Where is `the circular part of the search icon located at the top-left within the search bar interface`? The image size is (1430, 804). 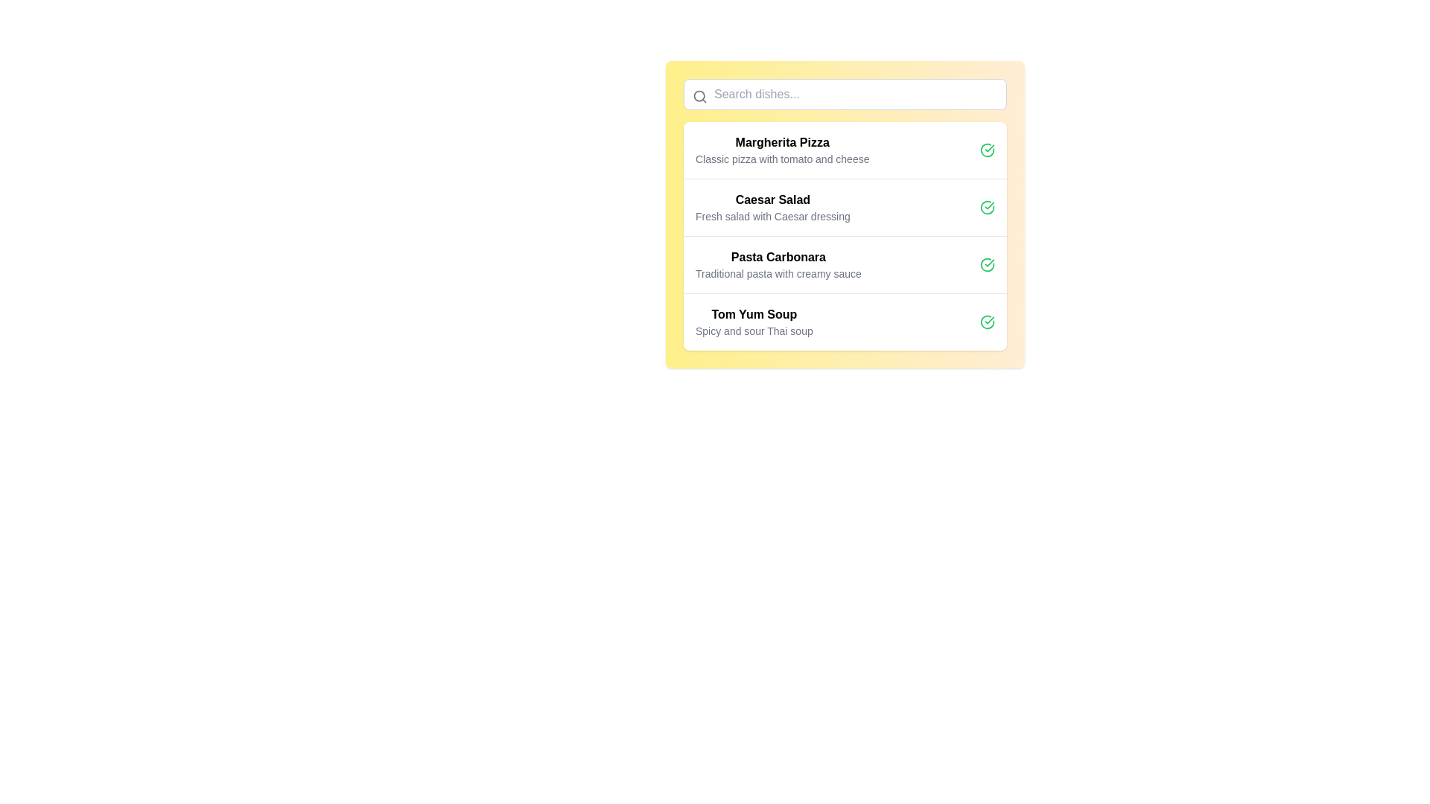
the circular part of the search icon located at the top-left within the search bar interface is located at coordinates (699, 96).